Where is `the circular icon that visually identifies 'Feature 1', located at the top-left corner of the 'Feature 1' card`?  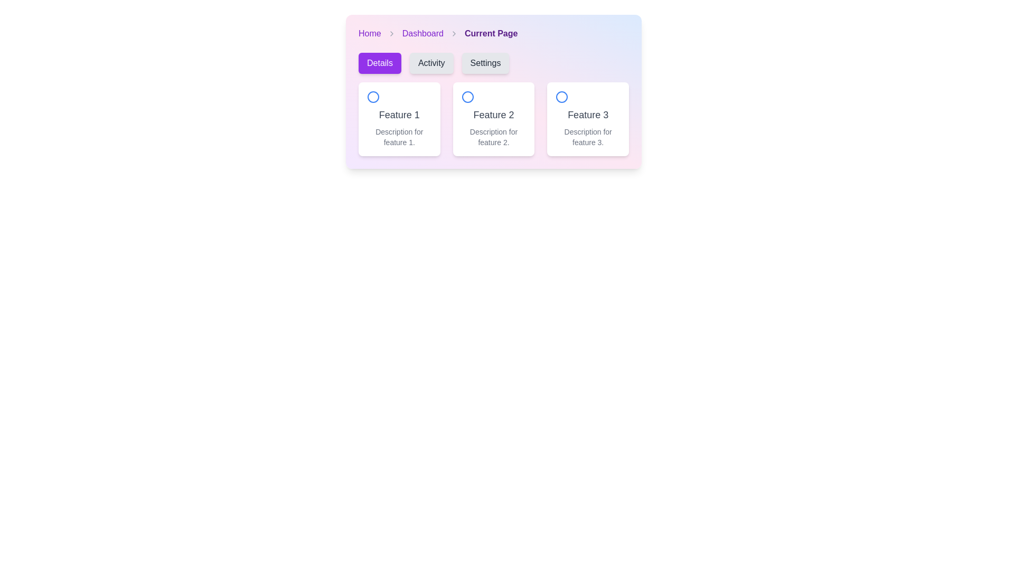
the circular icon that visually identifies 'Feature 1', located at the top-left corner of the 'Feature 1' card is located at coordinates (373, 97).